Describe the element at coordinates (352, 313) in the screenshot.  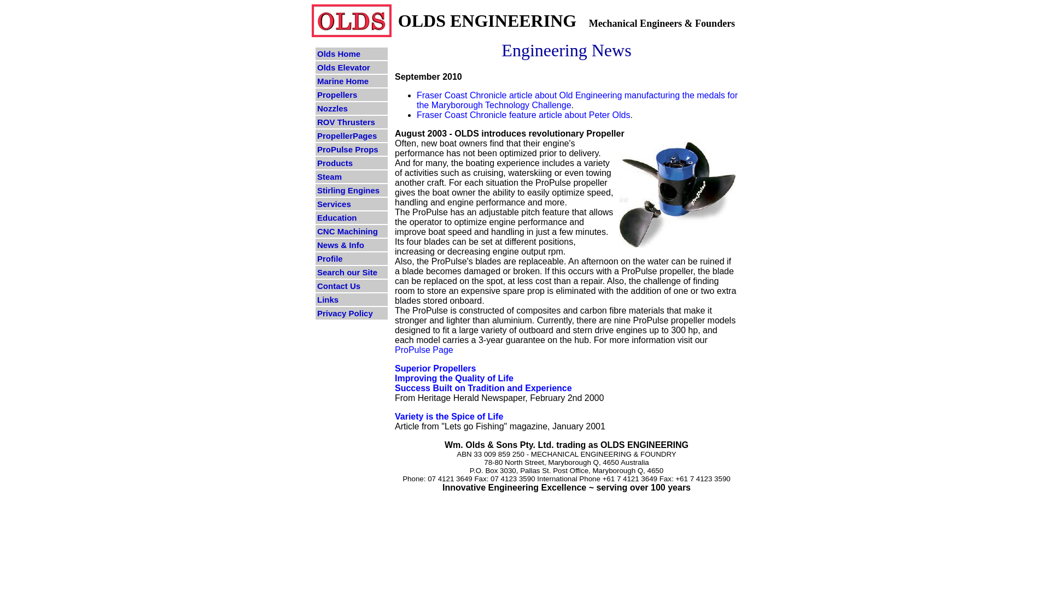
I see `'Privacy Policy'` at that location.